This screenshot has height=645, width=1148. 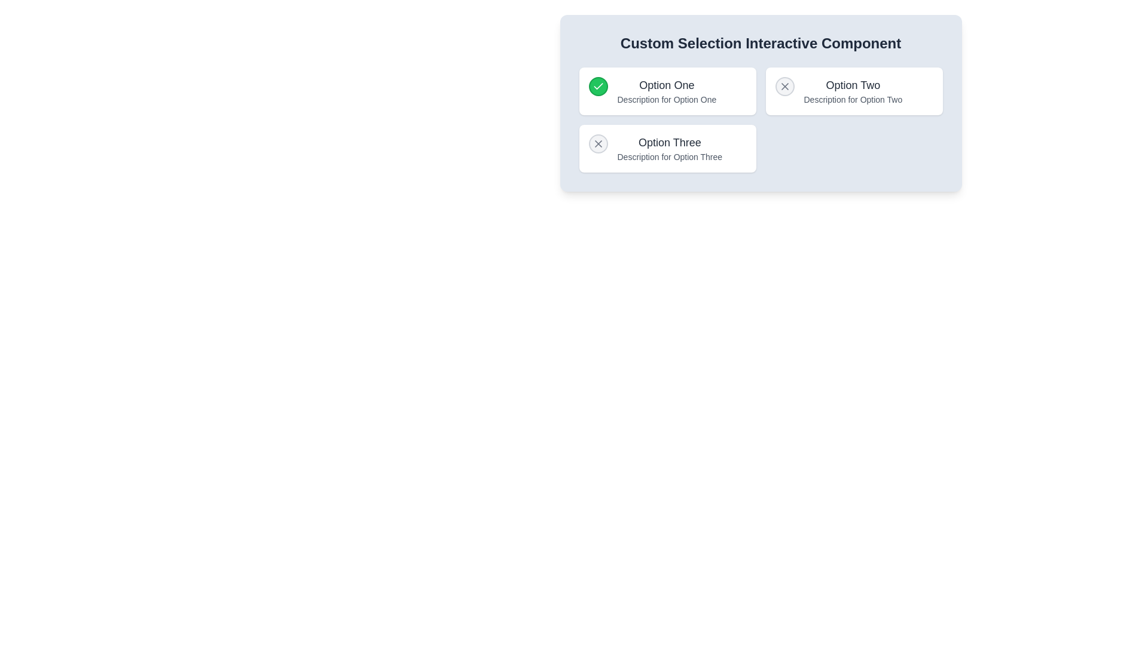 What do you see at coordinates (852, 99) in the screenshot?
I see `the text label styled in a smaller font size and lighter gray color that reads 'Description for Option Two', located below the title label 'Option Two' in the second column of the selection options grid` at bounding box center [852, 99].